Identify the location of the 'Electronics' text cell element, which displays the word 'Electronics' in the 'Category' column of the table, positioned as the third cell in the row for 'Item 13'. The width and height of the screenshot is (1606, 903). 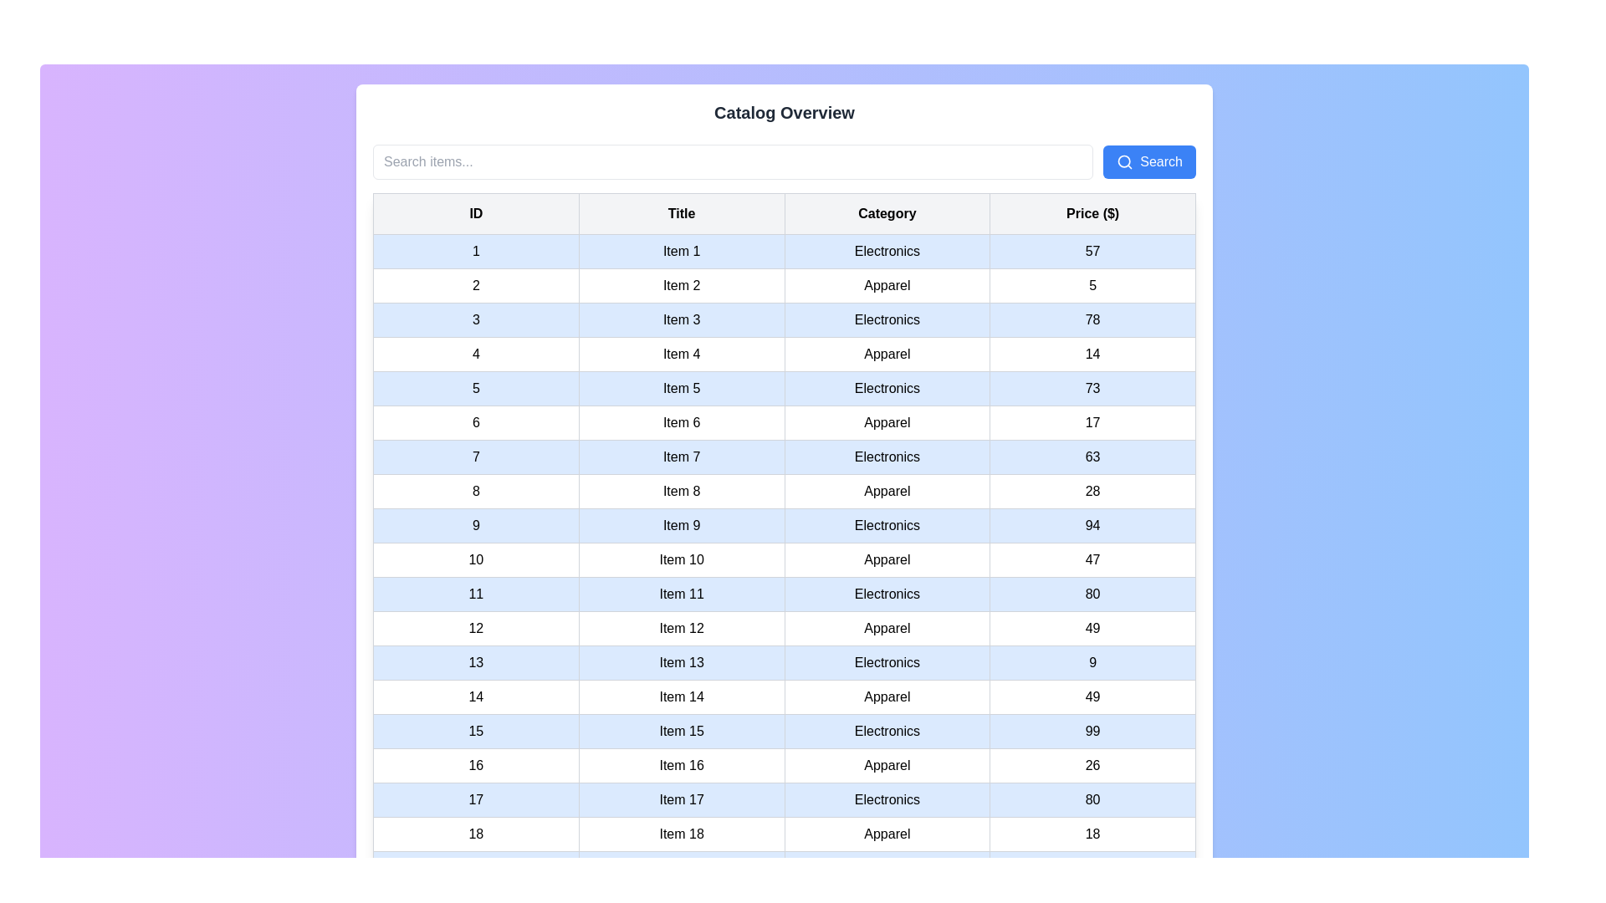
(886, 662).